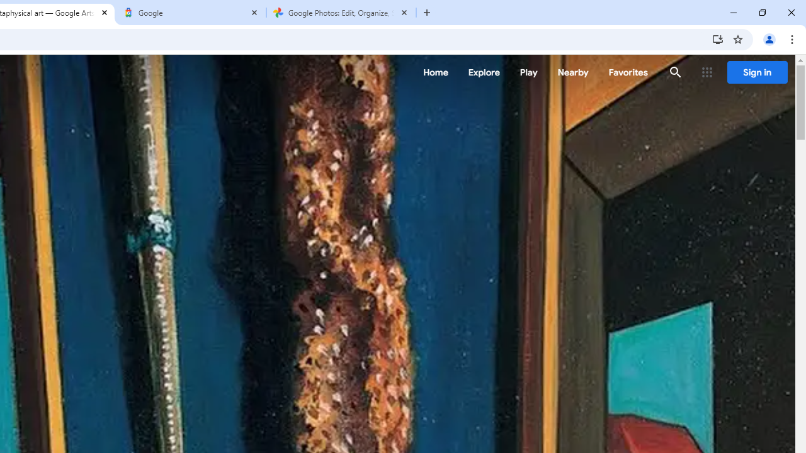  What do you see at coordinates (572, 72) in the screenshot?
I see `'Nearby'` at bounding box center [572, 72].